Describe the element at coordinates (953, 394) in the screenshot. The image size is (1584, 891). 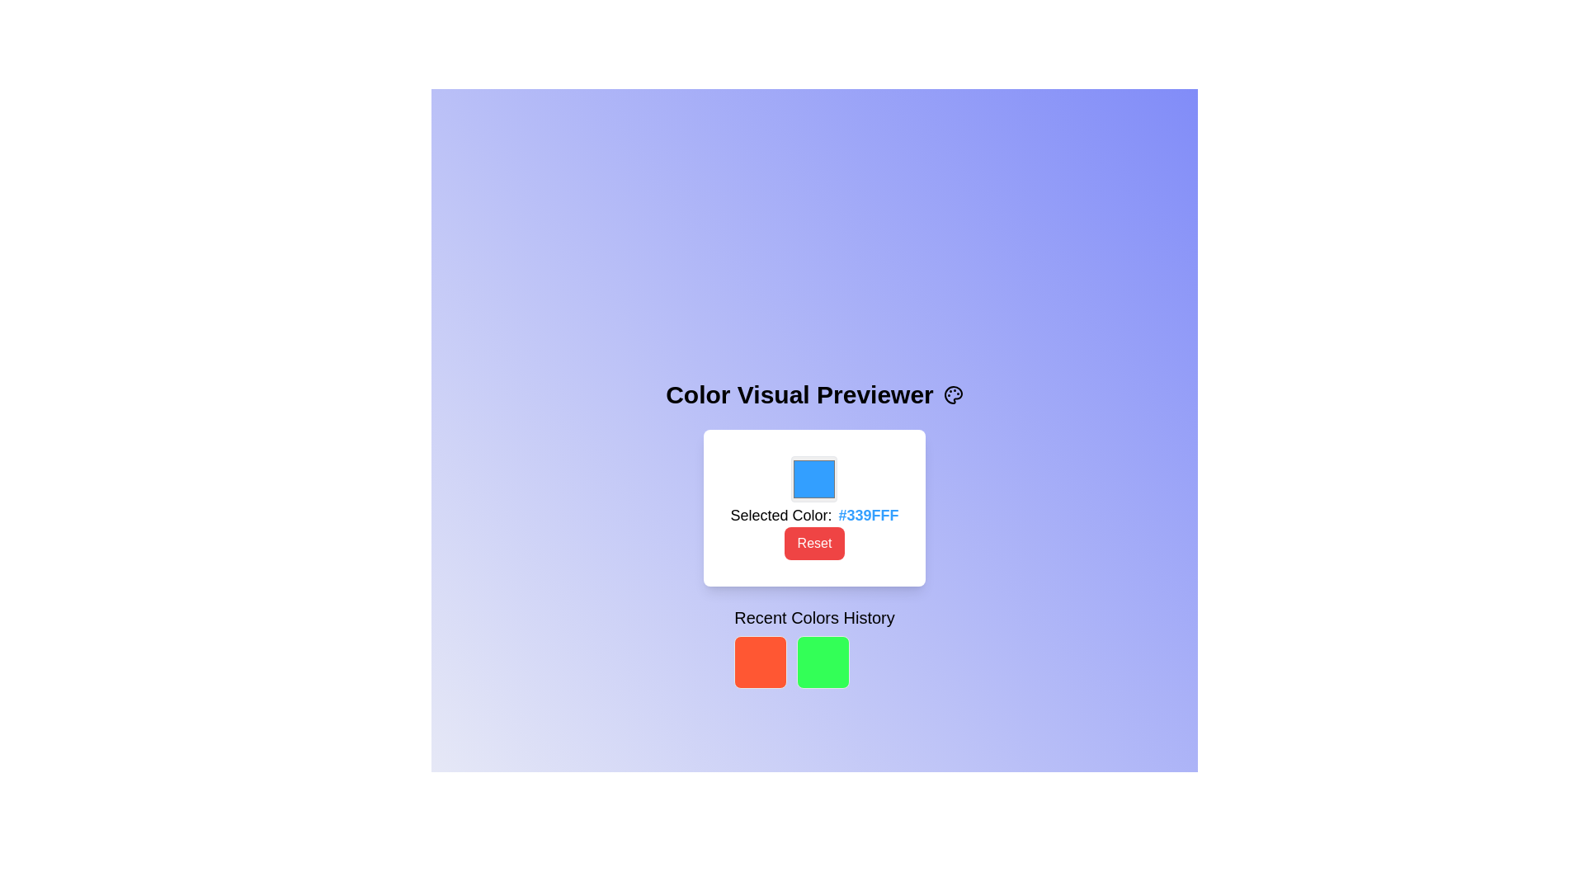
I see `the decorative icon representing a painter's palette, which is positioned to the right of the 'Color Visual Previewer' text` at that location.